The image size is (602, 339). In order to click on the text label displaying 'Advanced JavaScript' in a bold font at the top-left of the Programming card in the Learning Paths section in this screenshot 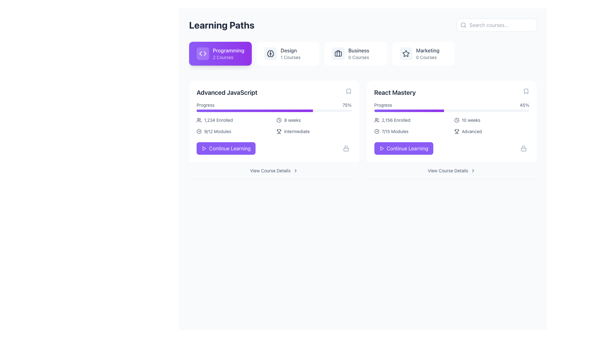, I will do `click(227, 92)`.